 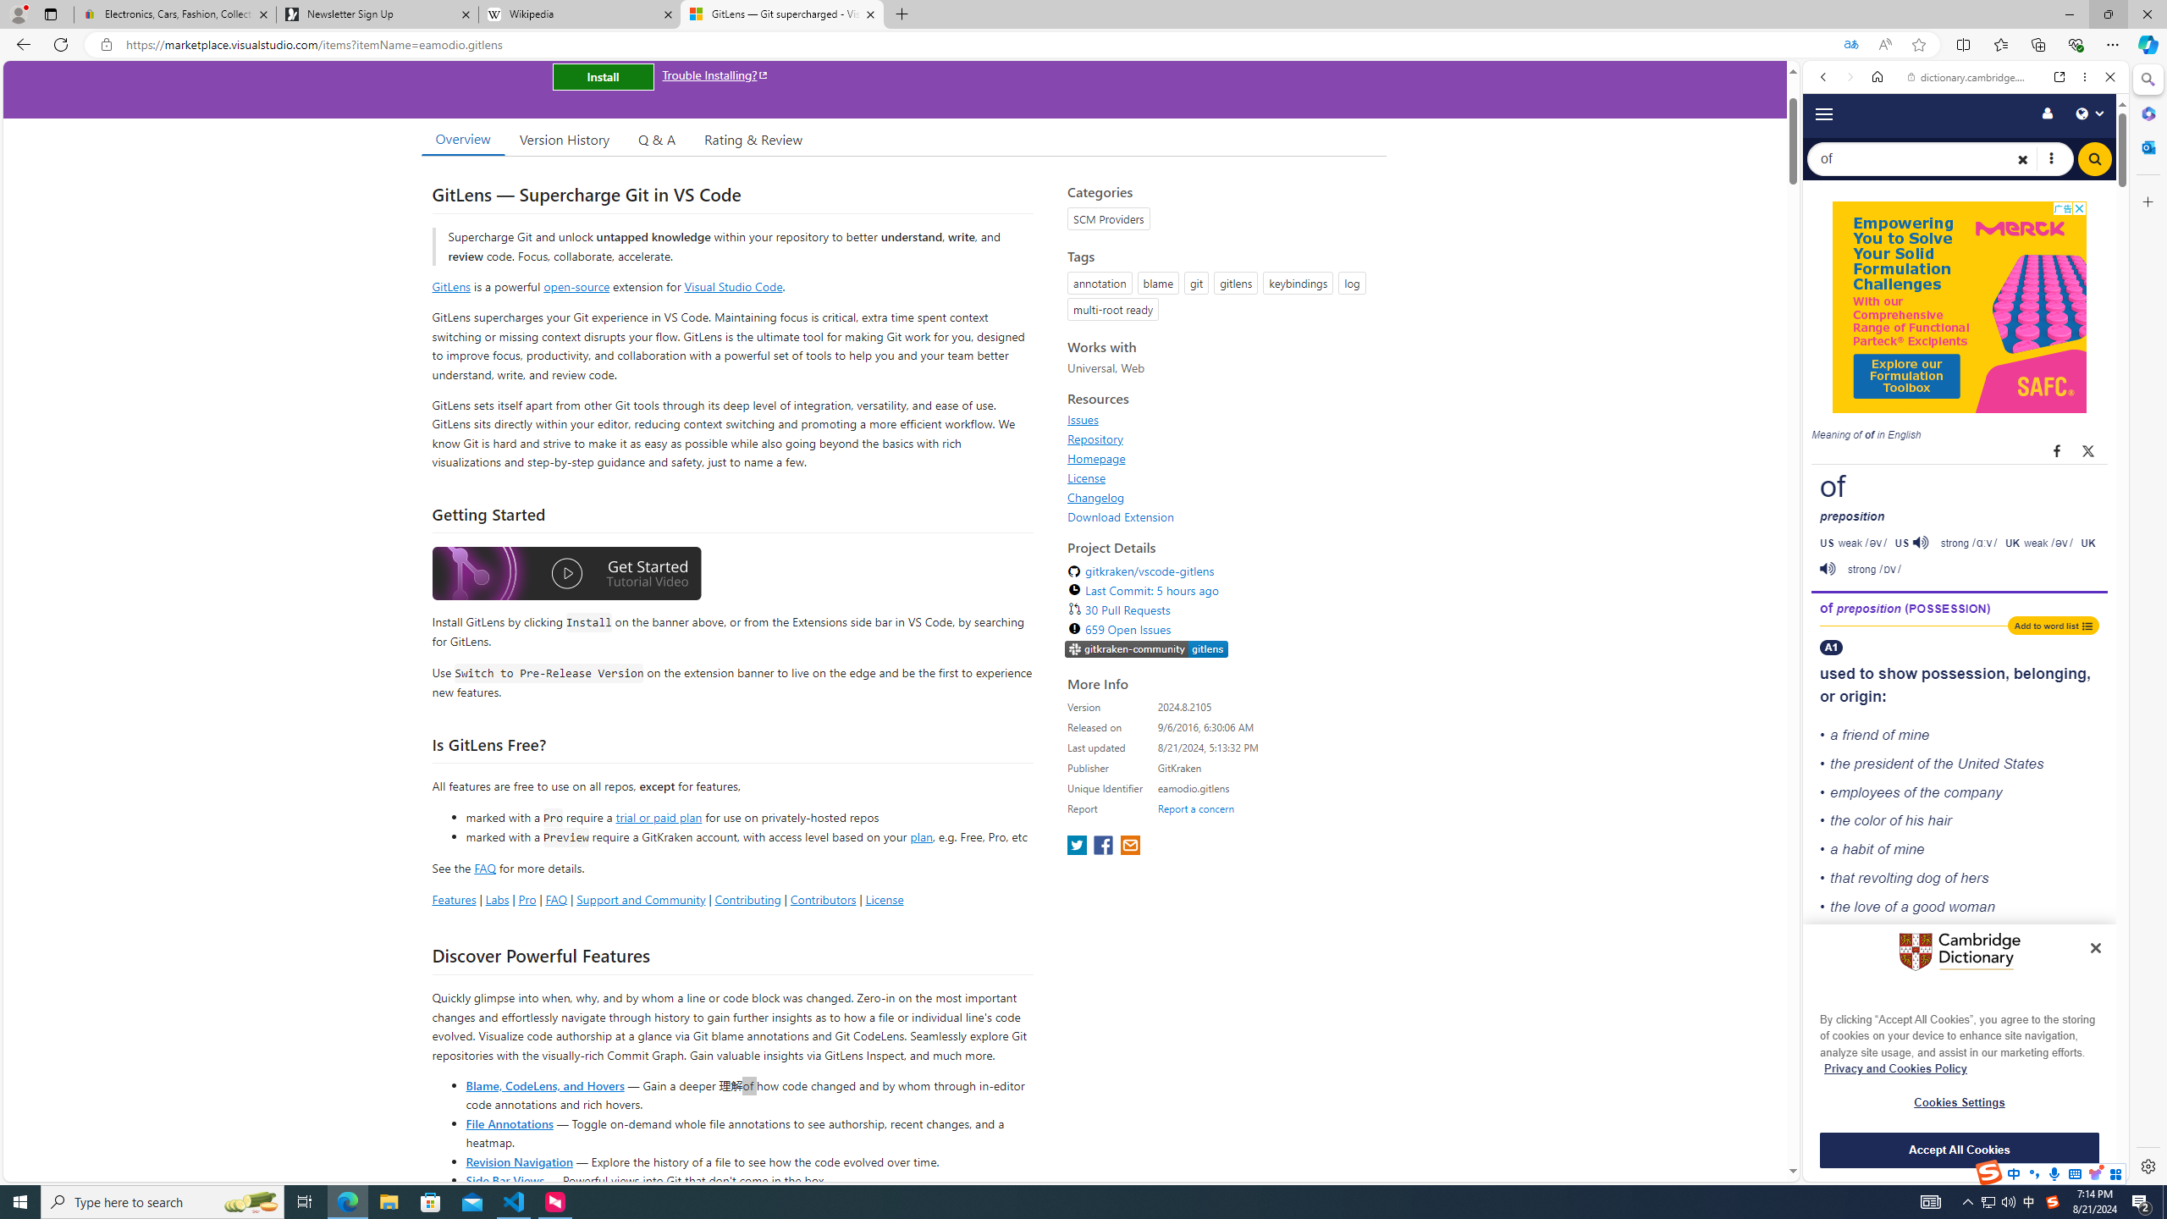 What do you see at coordinates (1849, 75) in the screenshot?
I see `'Forward'` at bounding box center [1849, 75].